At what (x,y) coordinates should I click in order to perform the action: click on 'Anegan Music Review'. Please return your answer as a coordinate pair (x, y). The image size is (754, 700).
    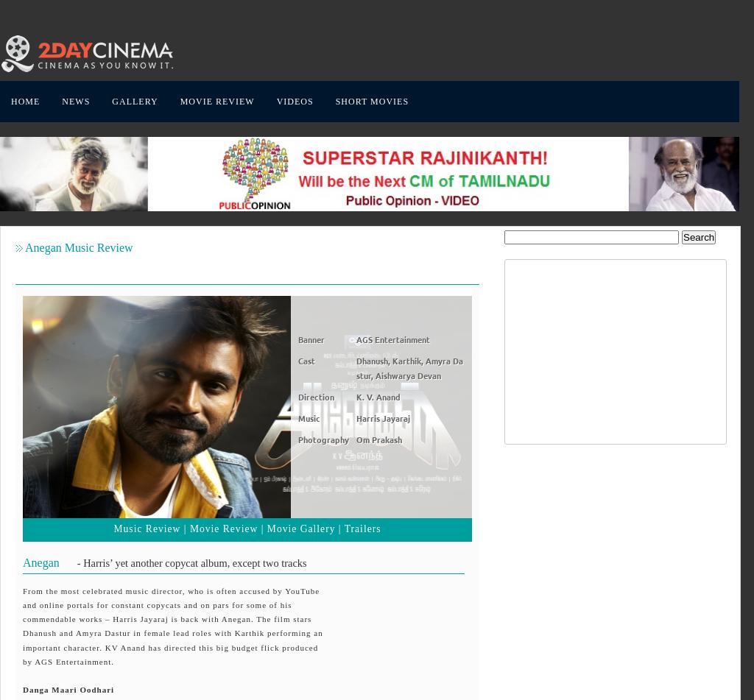
    Looking at the image, I should click on (24, 247).